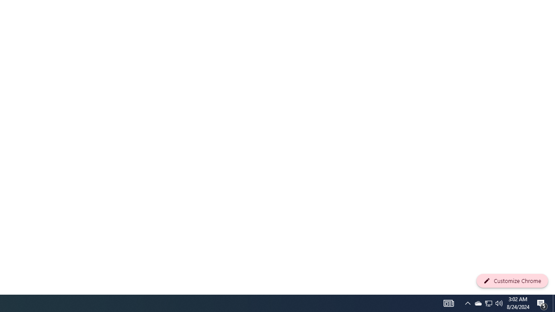 Image resolution: width=555 pixels, height=312 pixels. Describe the element at coordinates (512, 281) in the screenshot. I see `'Customize Chrome'` at that location.